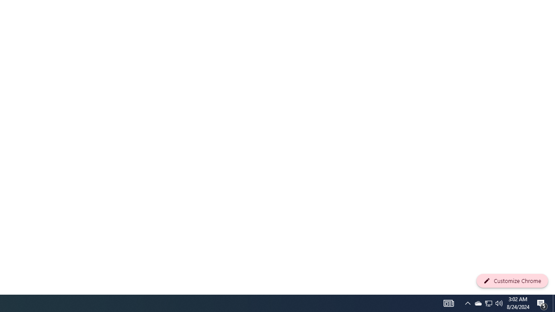 Image resolution: width=555 pixels, height=312 pixels. Describe the element at coordinates (512, 281) in the screenshot. I see `'Customize Chrome'` at that location.